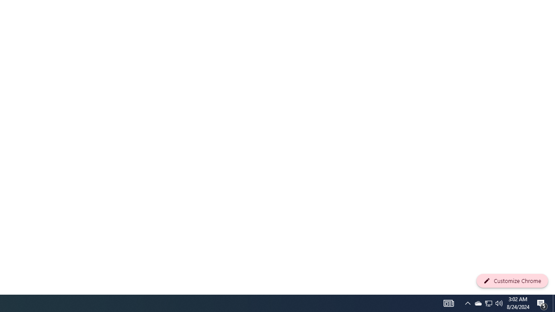 Image resolution: width=555 pixels, height=312 pixels. Describe the element at coordinates (512, 281) in the screenshot. I see `'Customize Chrome'` at that location.